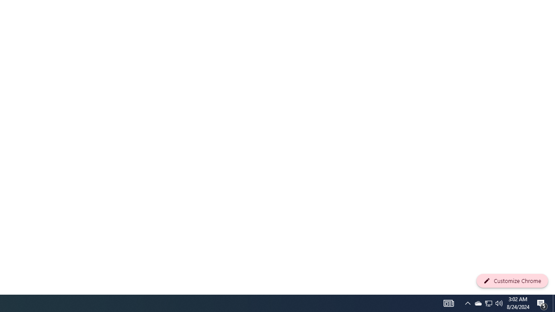 Image resolution: width=555 pixels, height=312 pixels. Describe the element at coordinates (512, 281) in the screenshot. I see `'Customize Chrome'` at that location.